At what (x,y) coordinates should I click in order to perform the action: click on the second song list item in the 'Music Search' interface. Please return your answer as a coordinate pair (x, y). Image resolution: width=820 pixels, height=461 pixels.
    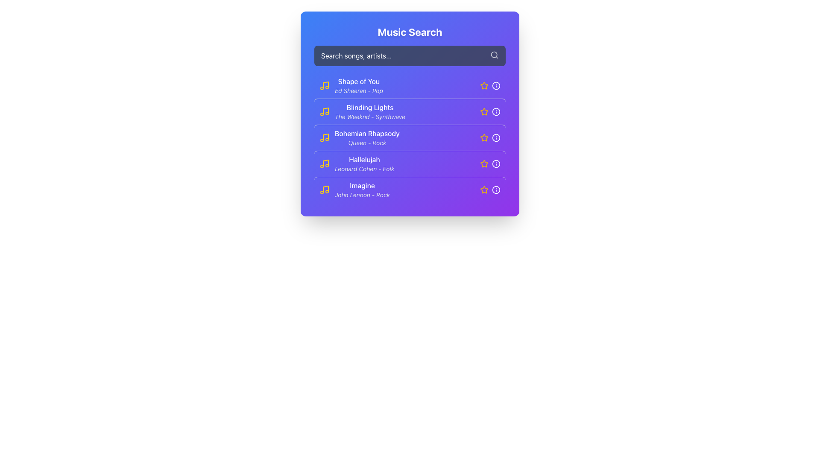
    Looking at the image, I should click on (370, 111).